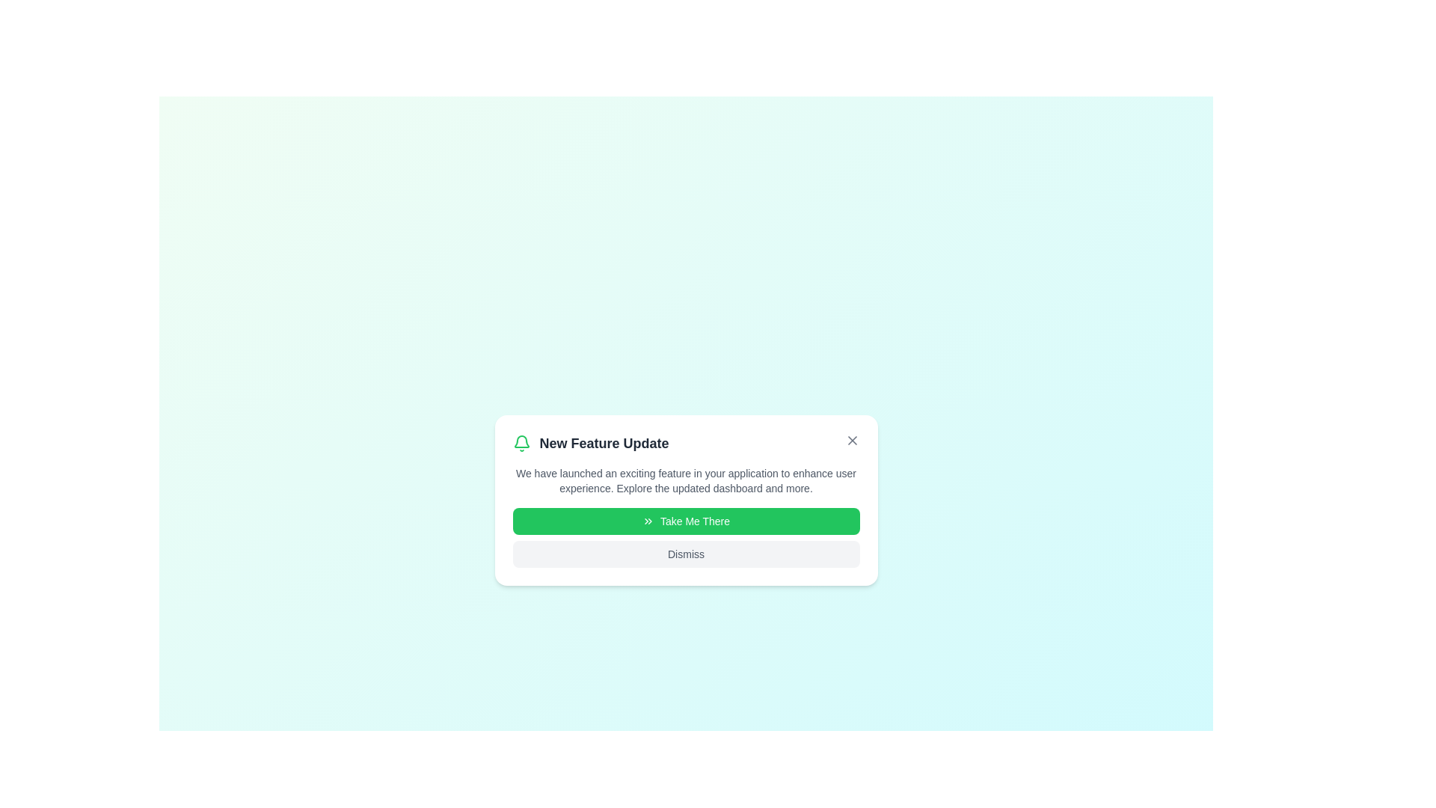 The width and height of the screenshot is (1436, 808). What do you see at coordinates (685, 521) in the screenshot?
I see `the 'Take Me There' button to navigate to the new feature` at bounding box center [685, 521].